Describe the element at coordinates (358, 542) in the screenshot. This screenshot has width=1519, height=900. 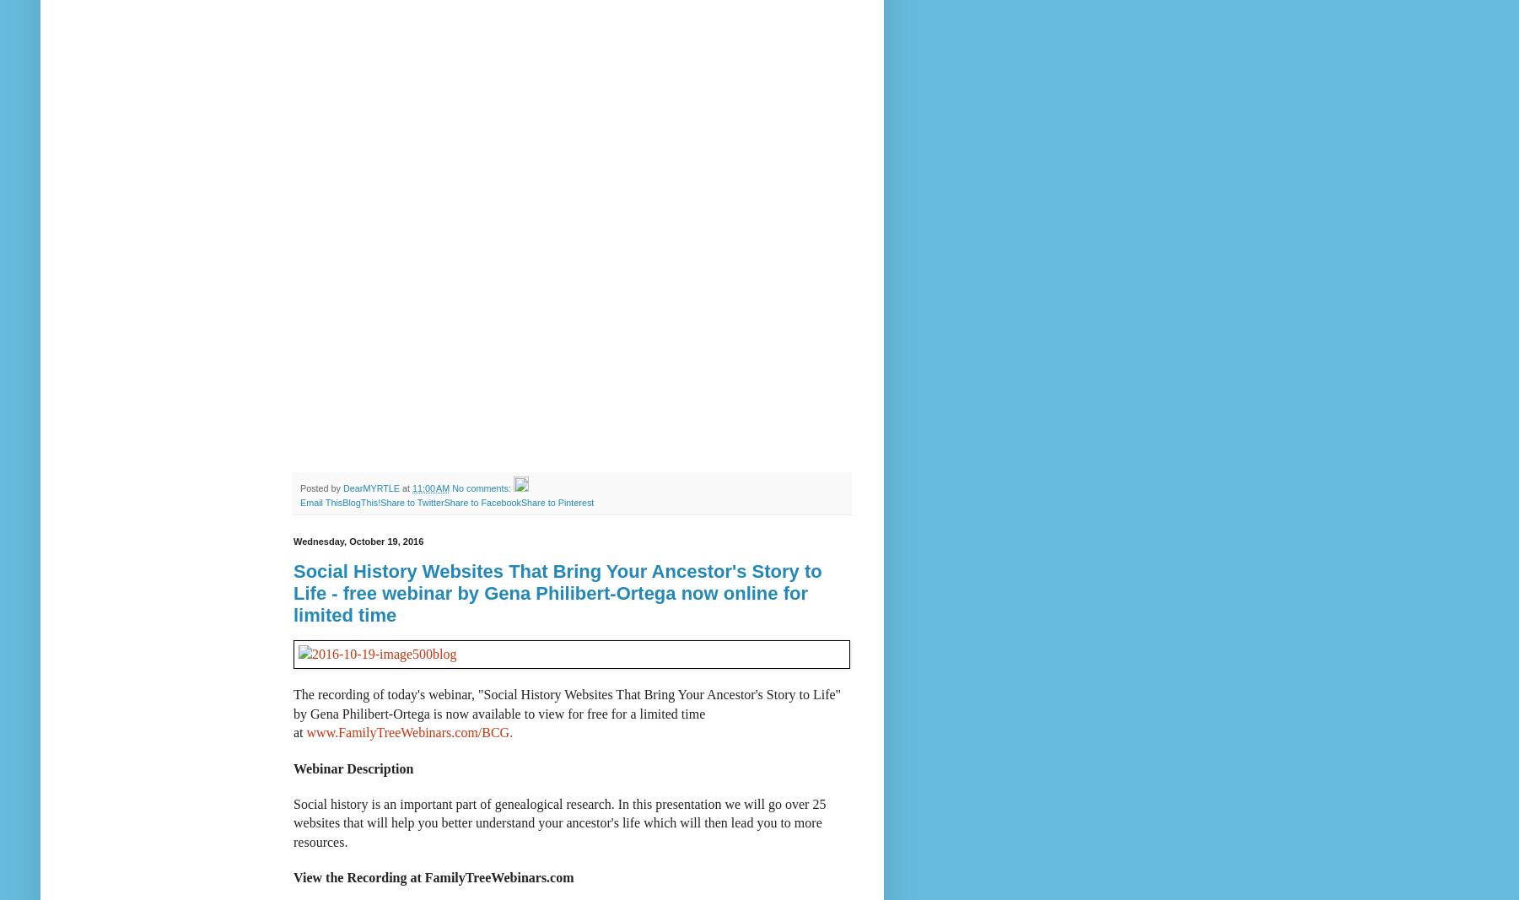
I see `'Wednesday, October 19, 2016'` at that location.